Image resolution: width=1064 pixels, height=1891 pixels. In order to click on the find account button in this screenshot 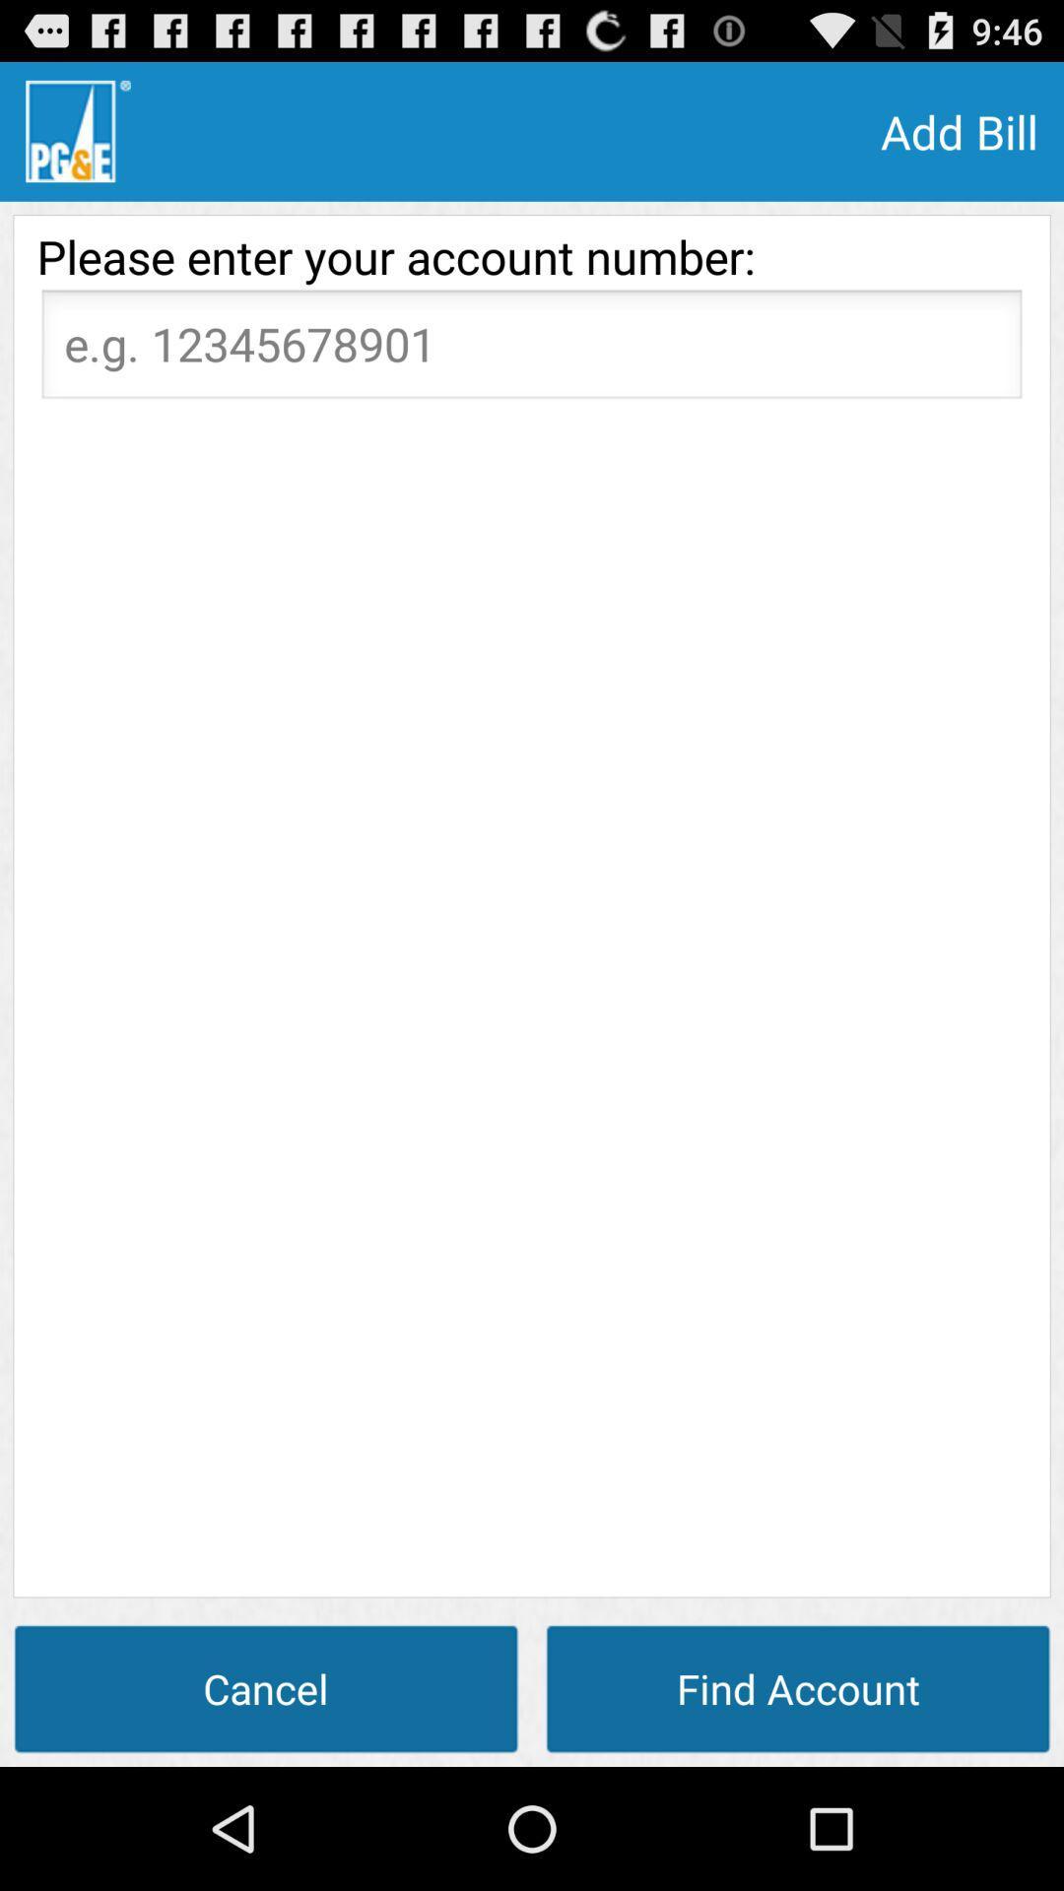, I will do `click(798, 1687)`.